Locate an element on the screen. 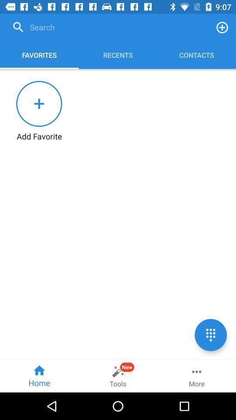 Image resolution: width=236 pixels, height=420 pixels. favorite is located at coordinates (222, 27).